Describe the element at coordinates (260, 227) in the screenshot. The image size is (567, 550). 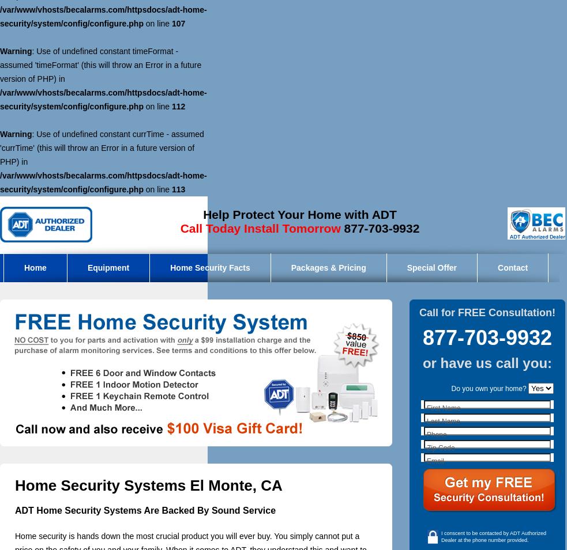
I see `'Call Today Install Tomorrow'` at that location.